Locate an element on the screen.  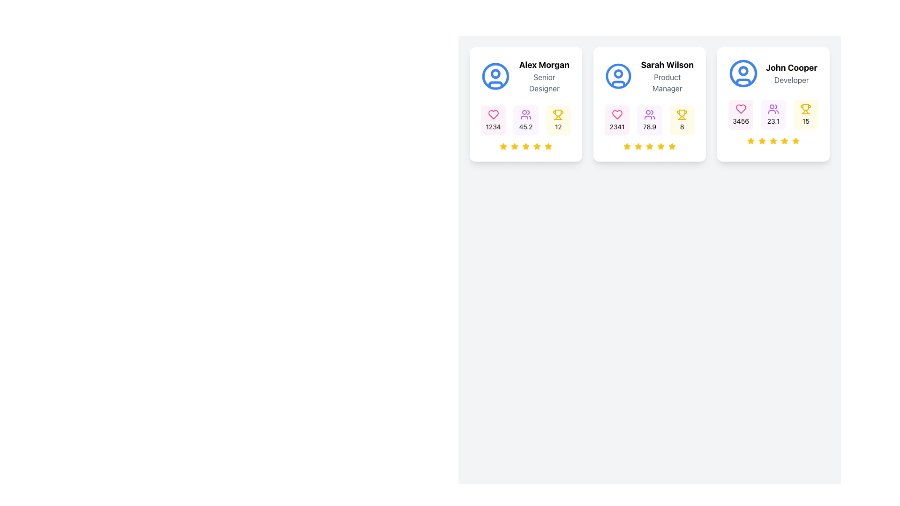
the Profile Card that serves as a profile summary, displaying the user's name, role, statistics, and rating, located at the rightmost end of the row in the grid layout is located at coordinates (773, 104).